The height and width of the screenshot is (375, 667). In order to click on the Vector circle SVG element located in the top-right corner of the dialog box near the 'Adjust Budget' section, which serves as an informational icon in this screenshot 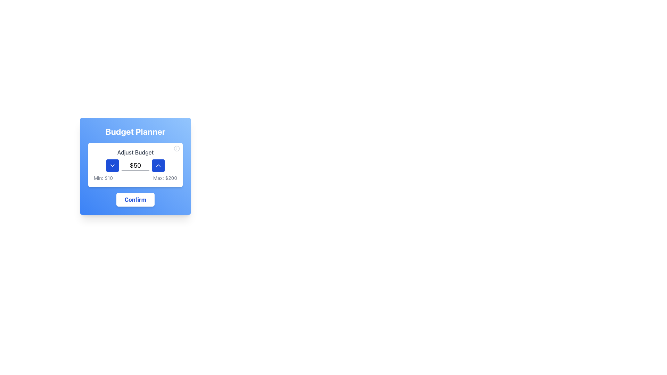, I will do `click(176, 148)`.